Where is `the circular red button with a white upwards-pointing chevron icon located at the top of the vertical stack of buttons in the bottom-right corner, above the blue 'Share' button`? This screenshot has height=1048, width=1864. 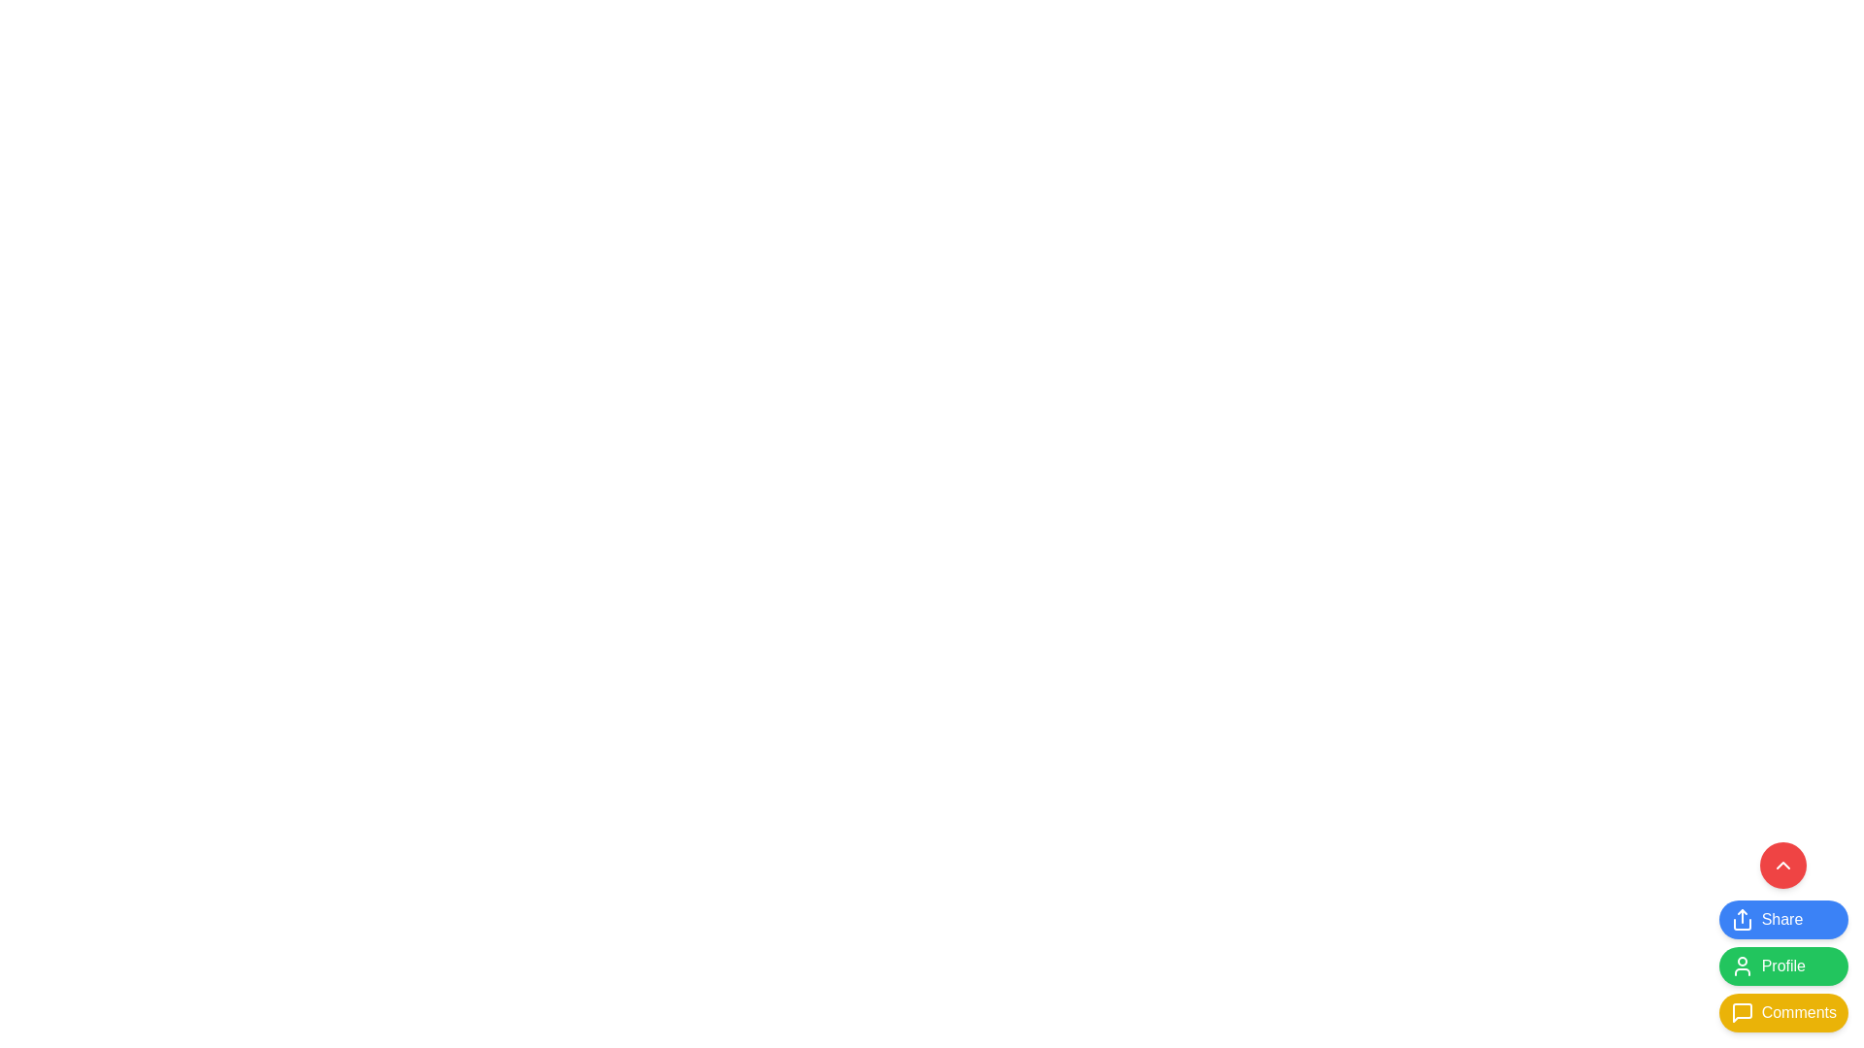
the circular red button with a white upwards-pointing chevron icon located at the top of the vertical stack of buttons in the bottom-right corner, above the blue 'Share' button is located at coordinates (1783, 864).